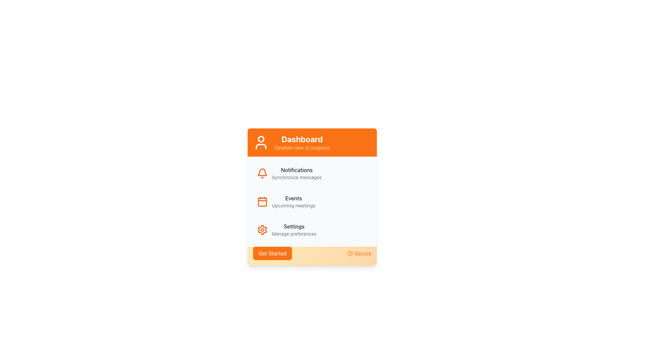 This screenshot has width=646, height=363. Describe the element at coordinates (312, 201) in the screenshot. I see `the List item with text and icon located in the middle section of the vertically stacked list, positioned between the 'Notifications' and 'Settings' entries for accessibility navigation` at that location.